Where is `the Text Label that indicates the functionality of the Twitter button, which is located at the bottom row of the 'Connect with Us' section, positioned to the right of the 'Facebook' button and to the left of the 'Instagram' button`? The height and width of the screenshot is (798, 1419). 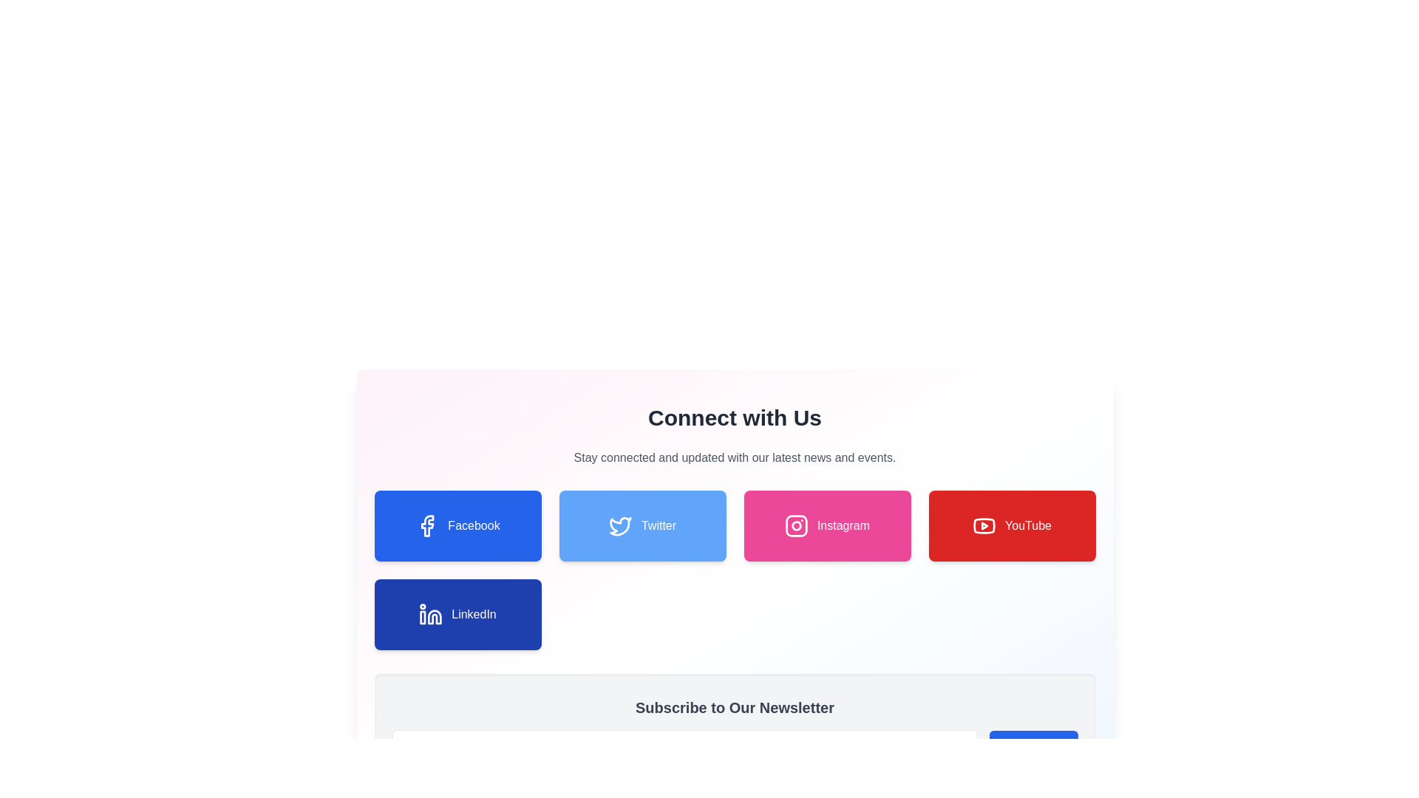 the Text Label that indicates the functionality of the Twitter button, which is located at the bottom row of the 'Connect with Us' section, positioned to the right of the 'Facebook' button and to the left of the 'Instagram' button is located at coordinates (658, 525).